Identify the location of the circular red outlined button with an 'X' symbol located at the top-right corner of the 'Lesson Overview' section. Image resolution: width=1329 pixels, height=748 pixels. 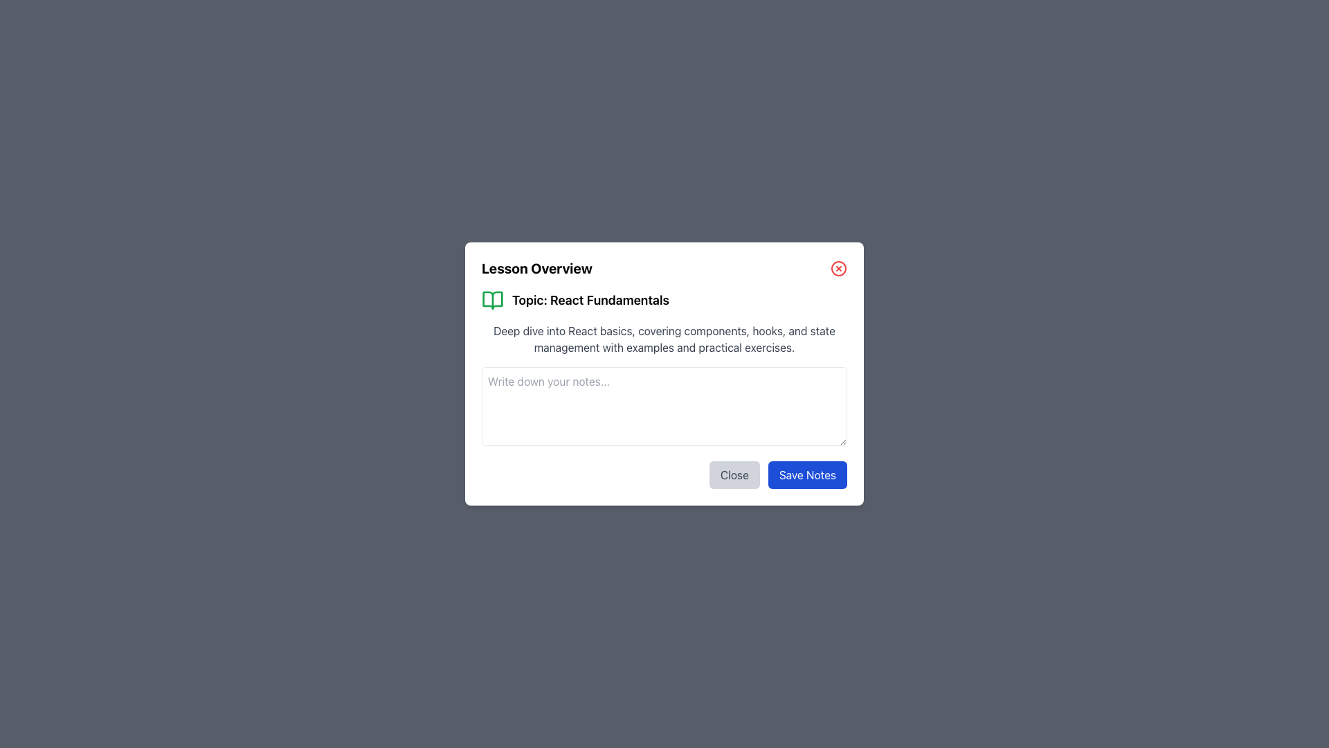
(838, 269).